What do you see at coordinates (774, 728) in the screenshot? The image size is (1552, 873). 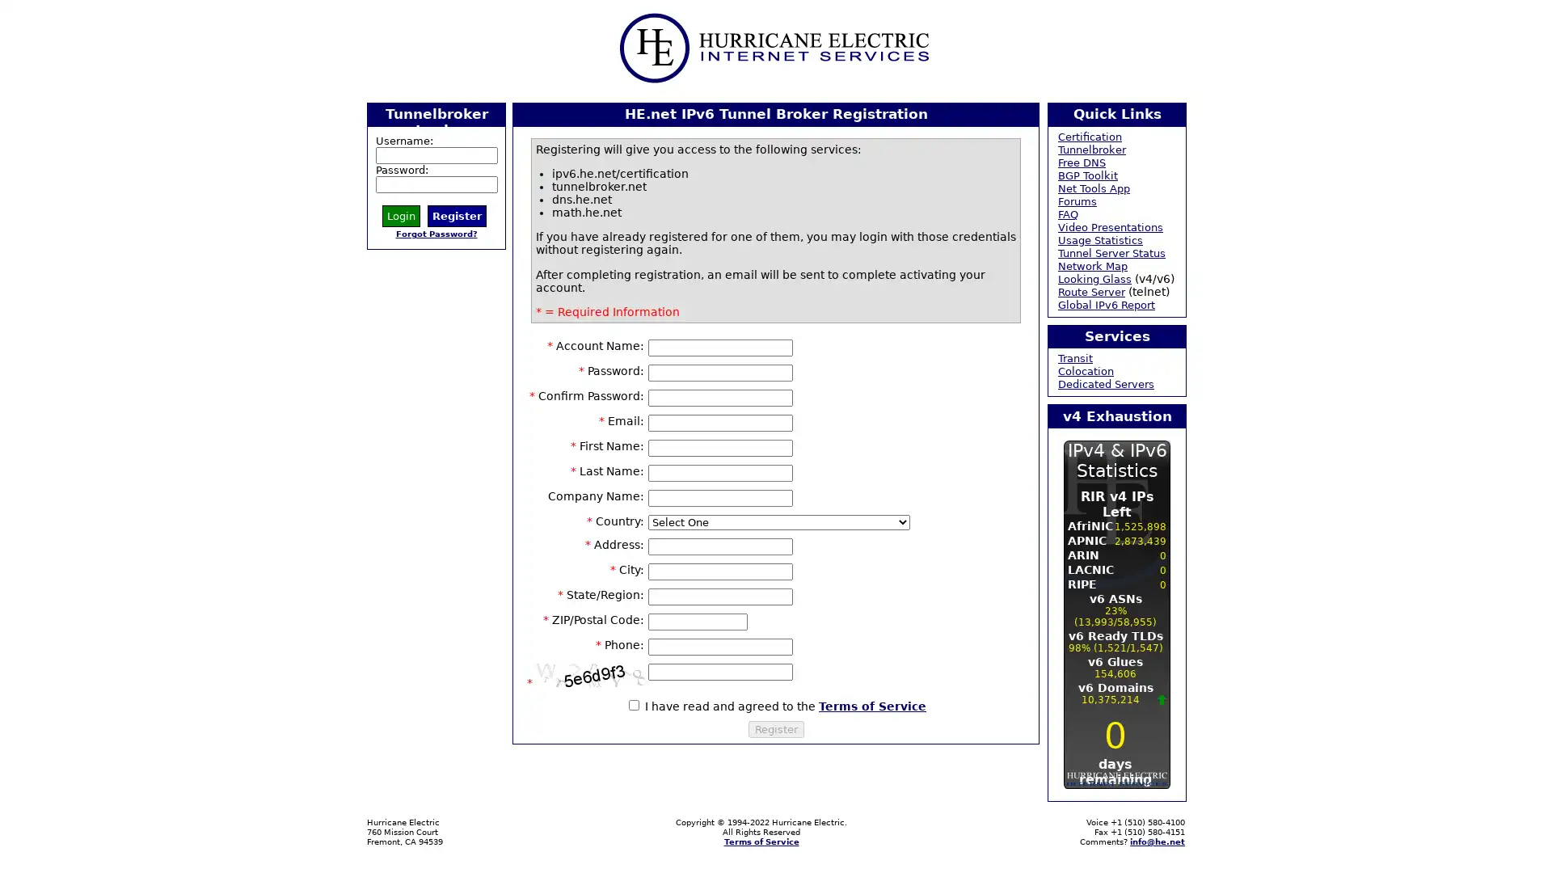 I see `Register` at bounding box center [774, 728].